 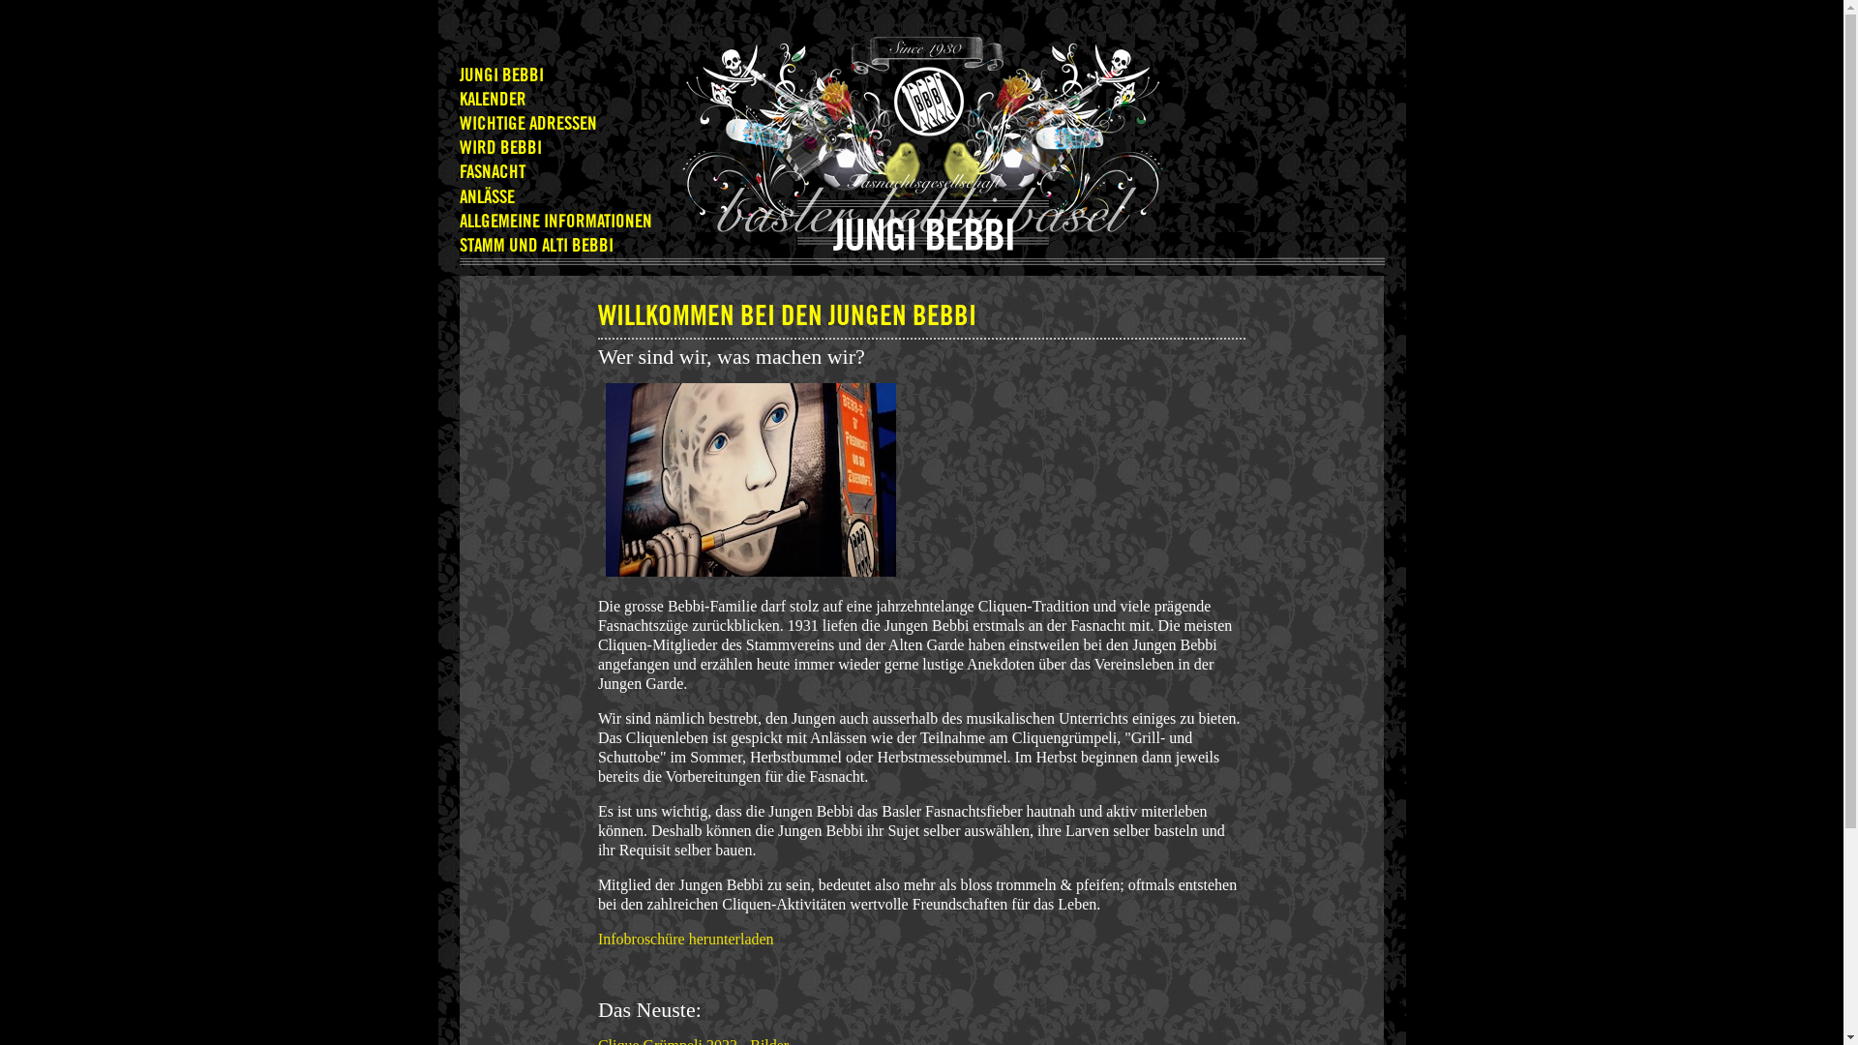 I want to click on 'ALLGEMEINE INFORMATIONEN', so click(x=554, y=221).